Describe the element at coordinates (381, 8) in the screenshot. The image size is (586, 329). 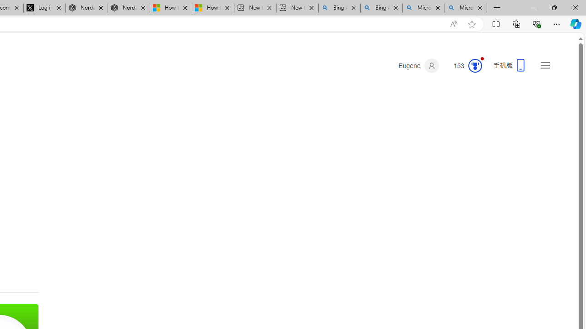
I see `'Bing AI - Search'` at that location.